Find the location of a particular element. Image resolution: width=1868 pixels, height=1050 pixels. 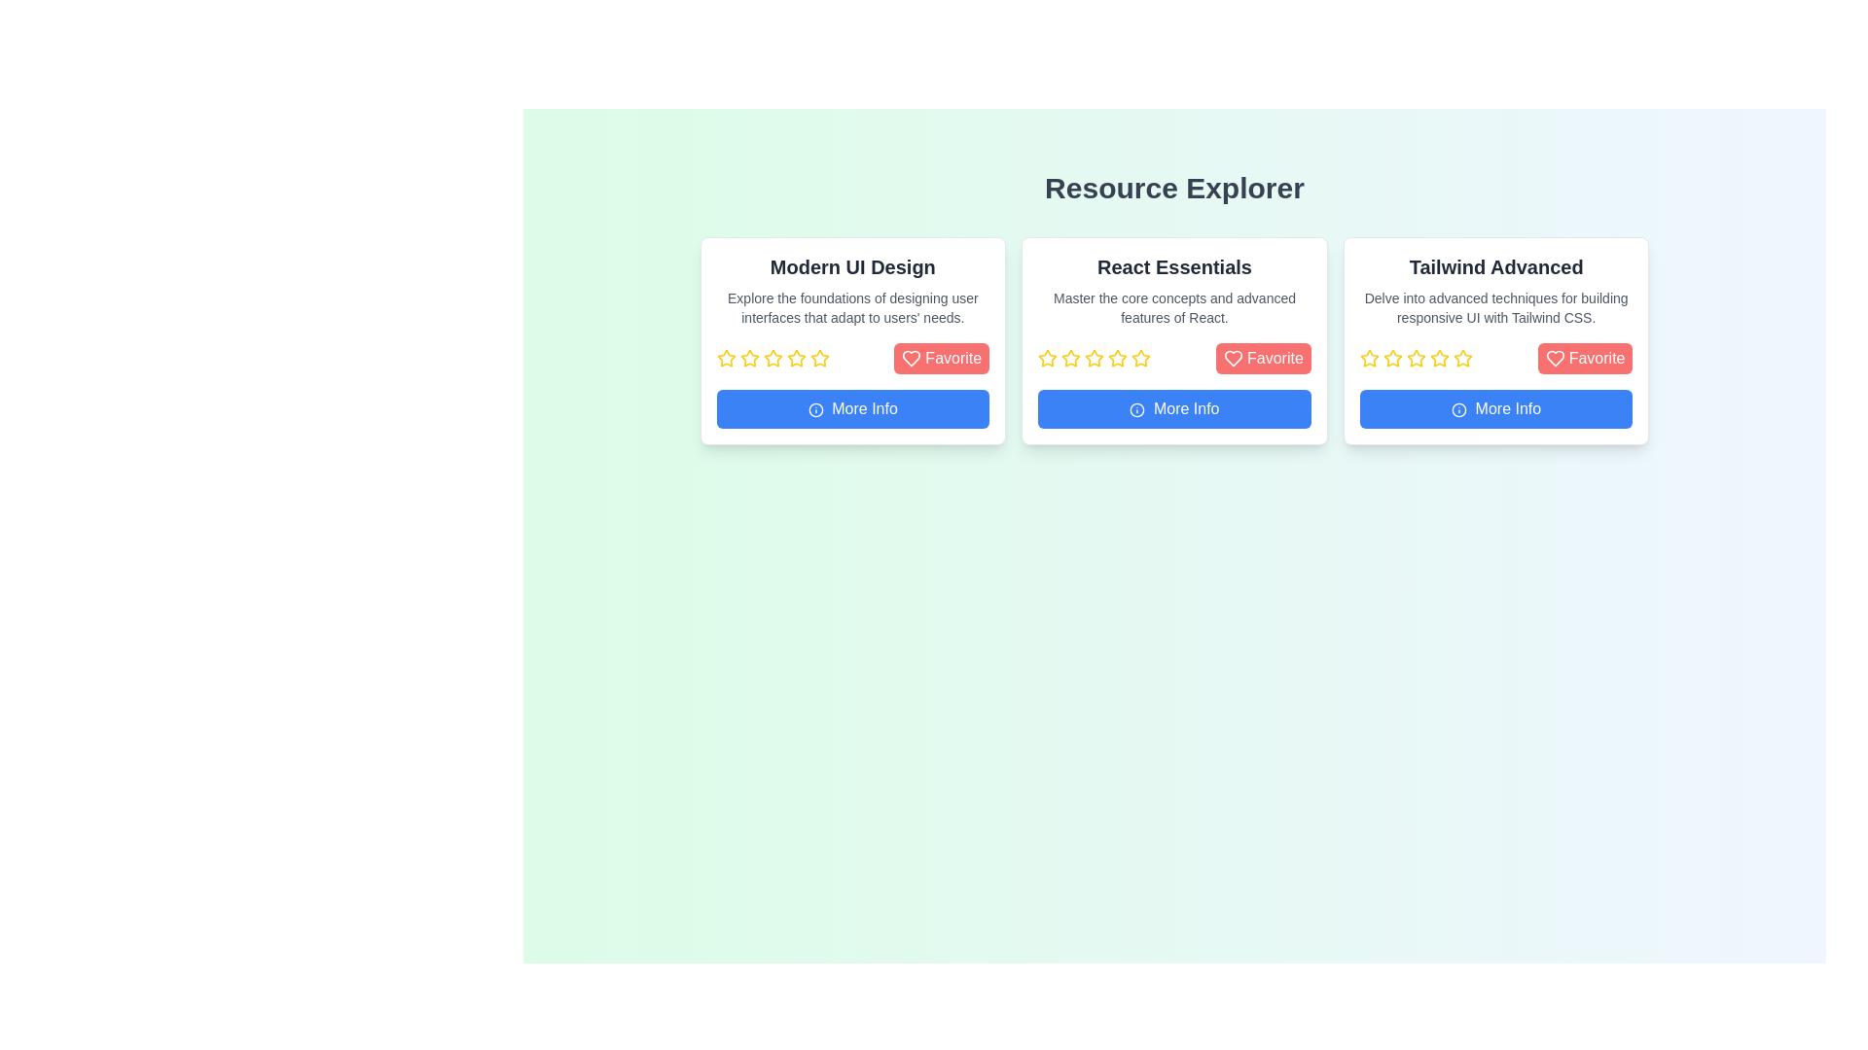

the third yellow star icon in the rating system under the 'React Essentials' card to indicate a rating is located at coordinates (1070, 359).